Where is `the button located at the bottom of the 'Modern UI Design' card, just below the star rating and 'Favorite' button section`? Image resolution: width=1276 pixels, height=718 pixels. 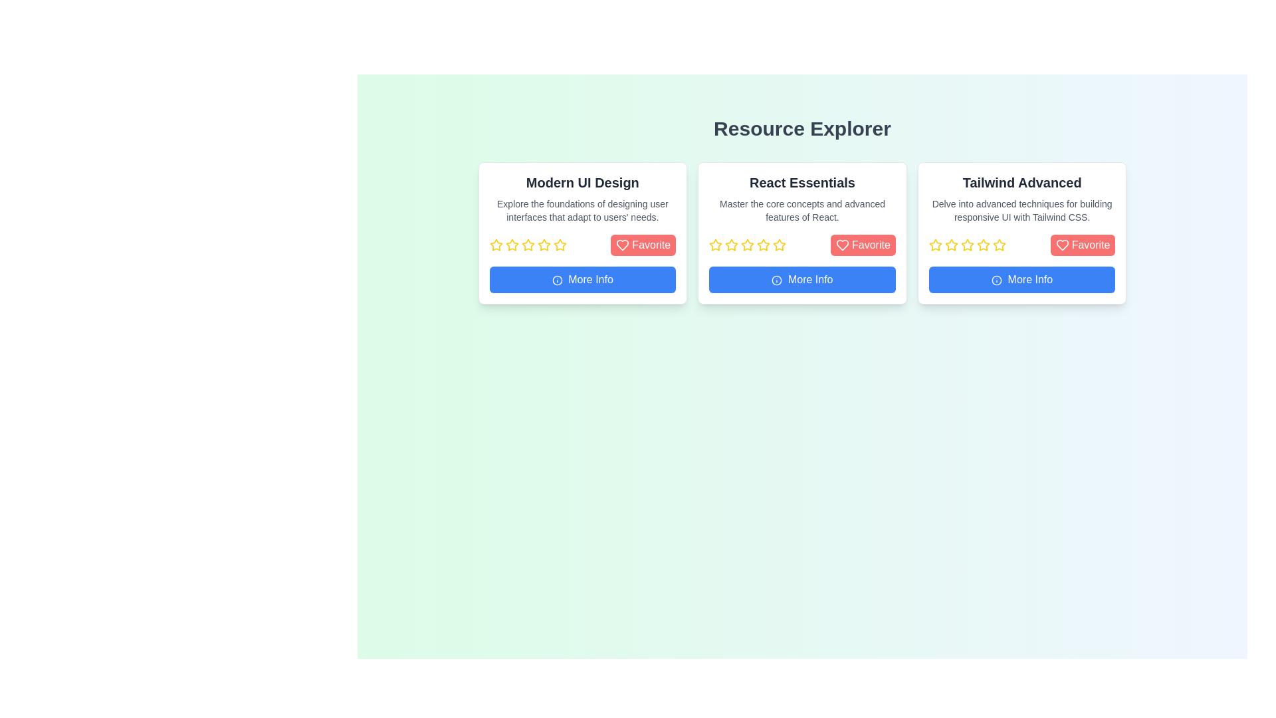
the button located at the bottom of the 'Modern UI Design' card, just below the star rating and 'Favorite' button section is located at coordinates (582, 279).